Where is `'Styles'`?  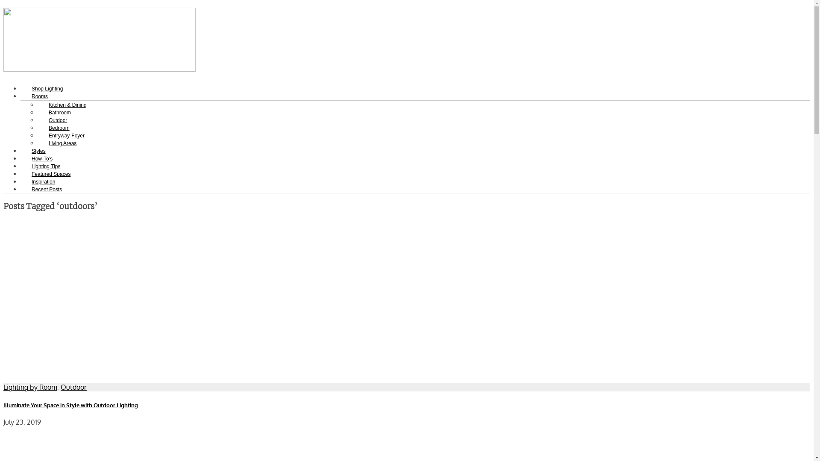 'Styles' is located at coordinates (20, 151).